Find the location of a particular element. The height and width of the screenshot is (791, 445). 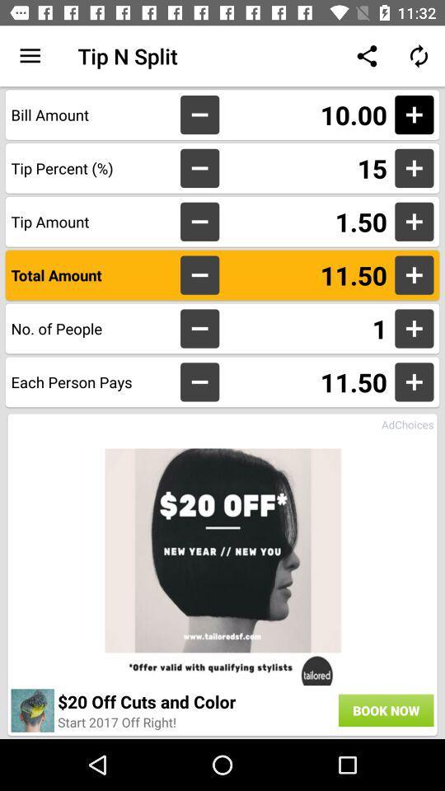

11.00 item is located at coordinates (307, 114).